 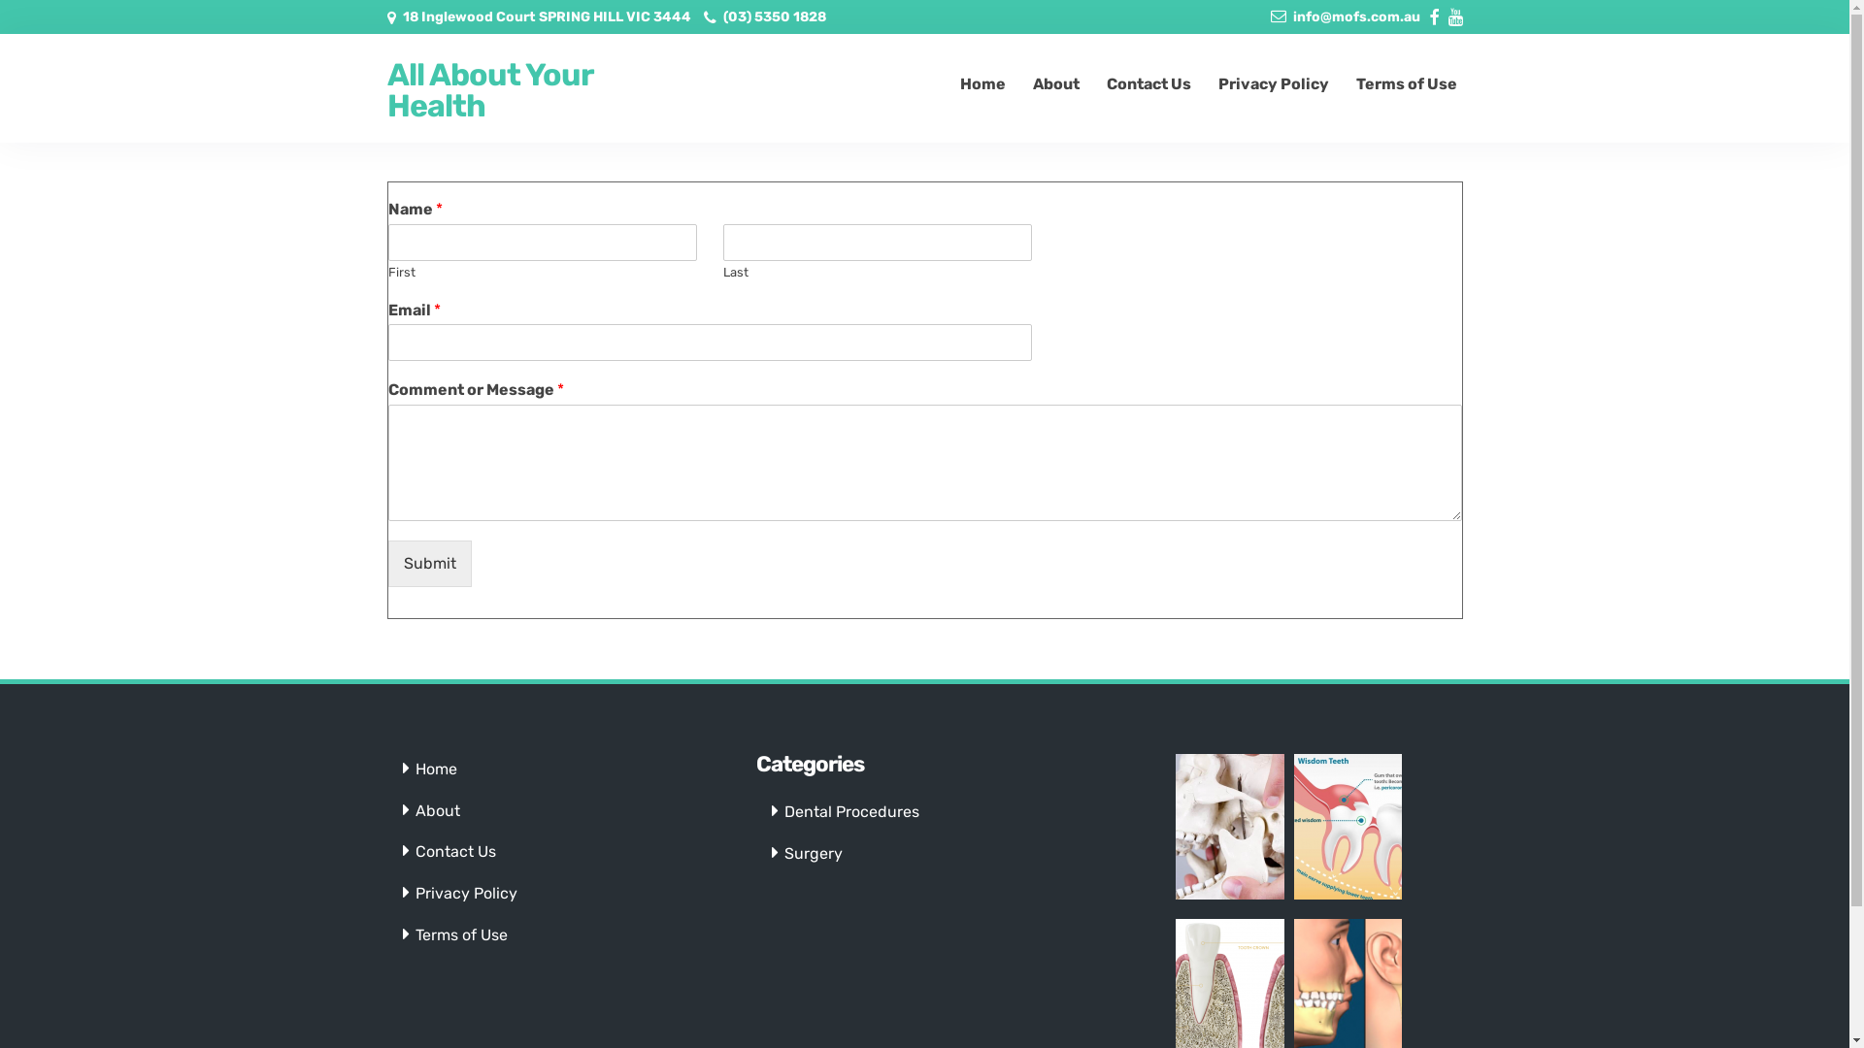 What do you see at coordinates (509, 89) in the screenshot?
I see `'All About Your Health'` at bounding box center [509, 89].